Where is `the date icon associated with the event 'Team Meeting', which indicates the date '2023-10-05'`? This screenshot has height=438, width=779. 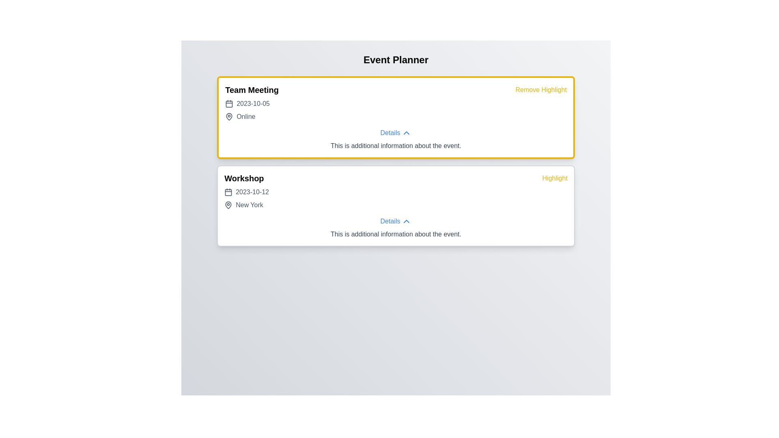 the date icon associated with the event 'Team Meeting', which indicates the date '2023-10-05' is located at coordinates (229, 103).